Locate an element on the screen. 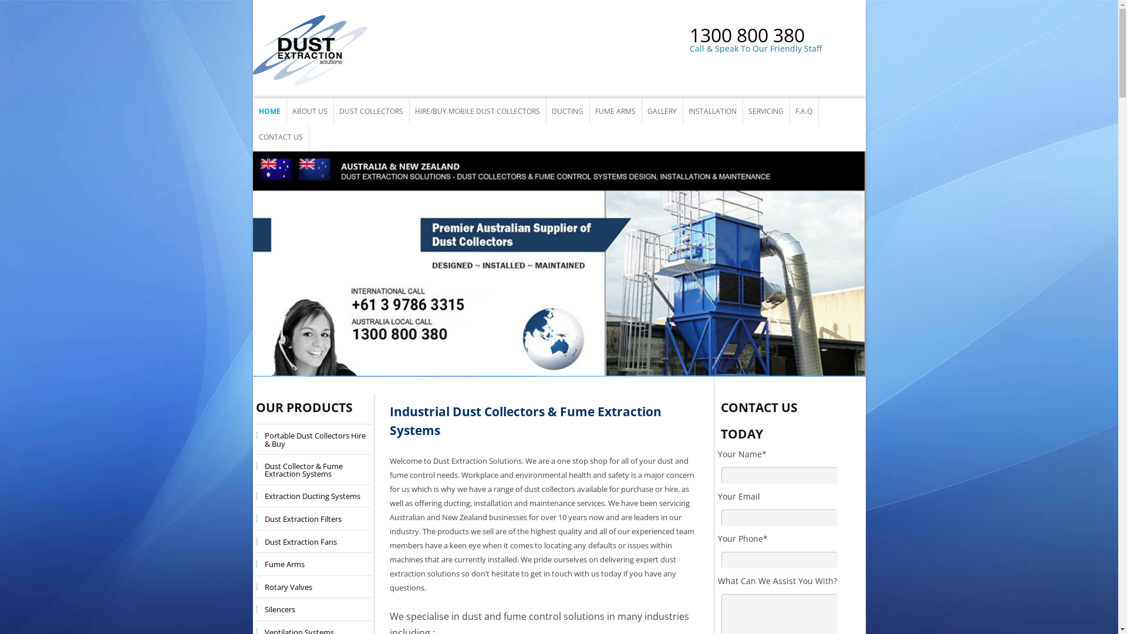 This screenshot has height=634, width=1127. 'HOME' is located at coordinates (268, 111).